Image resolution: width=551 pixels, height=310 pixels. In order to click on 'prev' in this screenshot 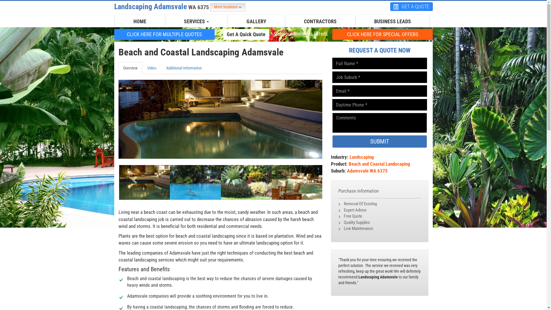, I will do `click(133, 178)`.